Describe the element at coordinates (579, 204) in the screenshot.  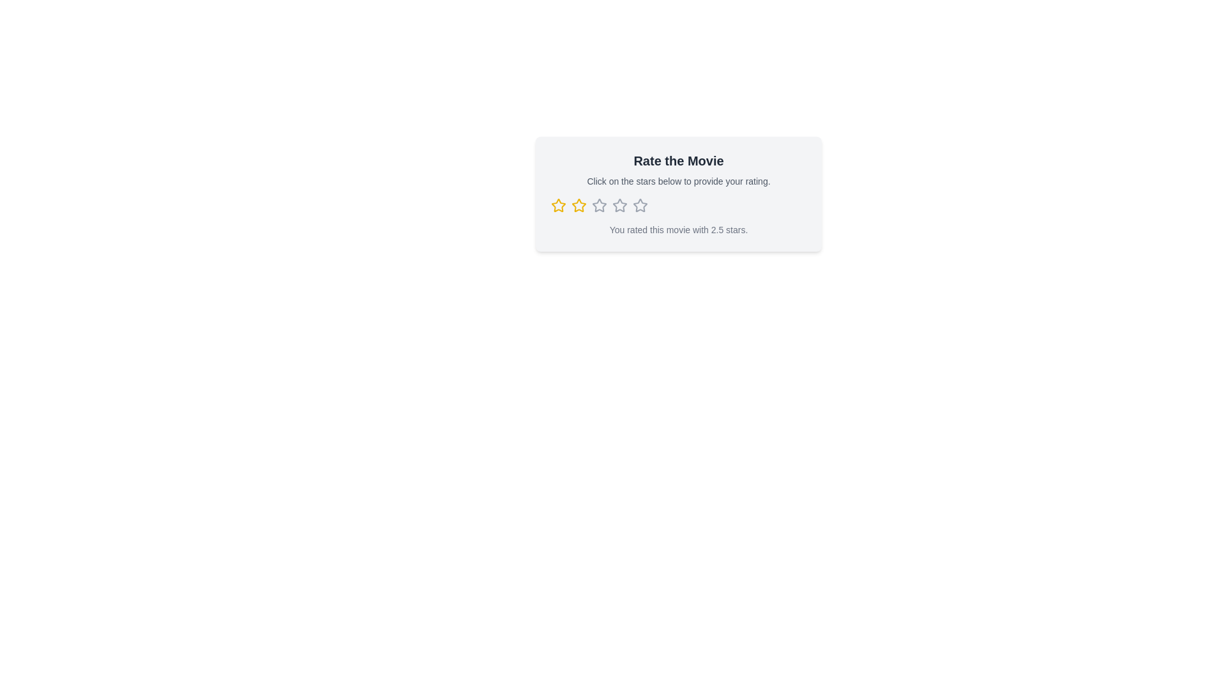
I see `the second yellow Rating Star in the horizontal group` at that location.